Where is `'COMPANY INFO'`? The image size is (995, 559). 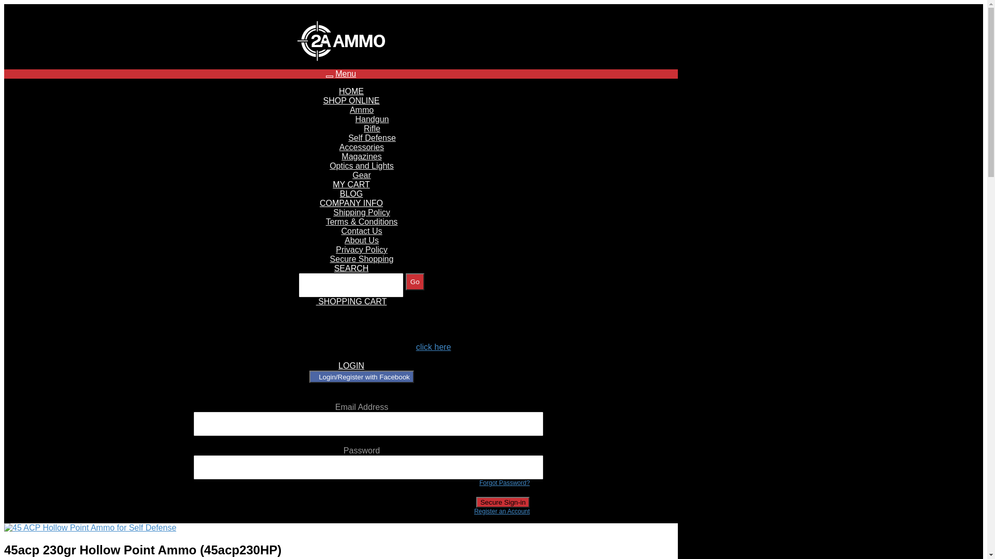
'COMPANY INFO' is located at coordinates (351, 203).